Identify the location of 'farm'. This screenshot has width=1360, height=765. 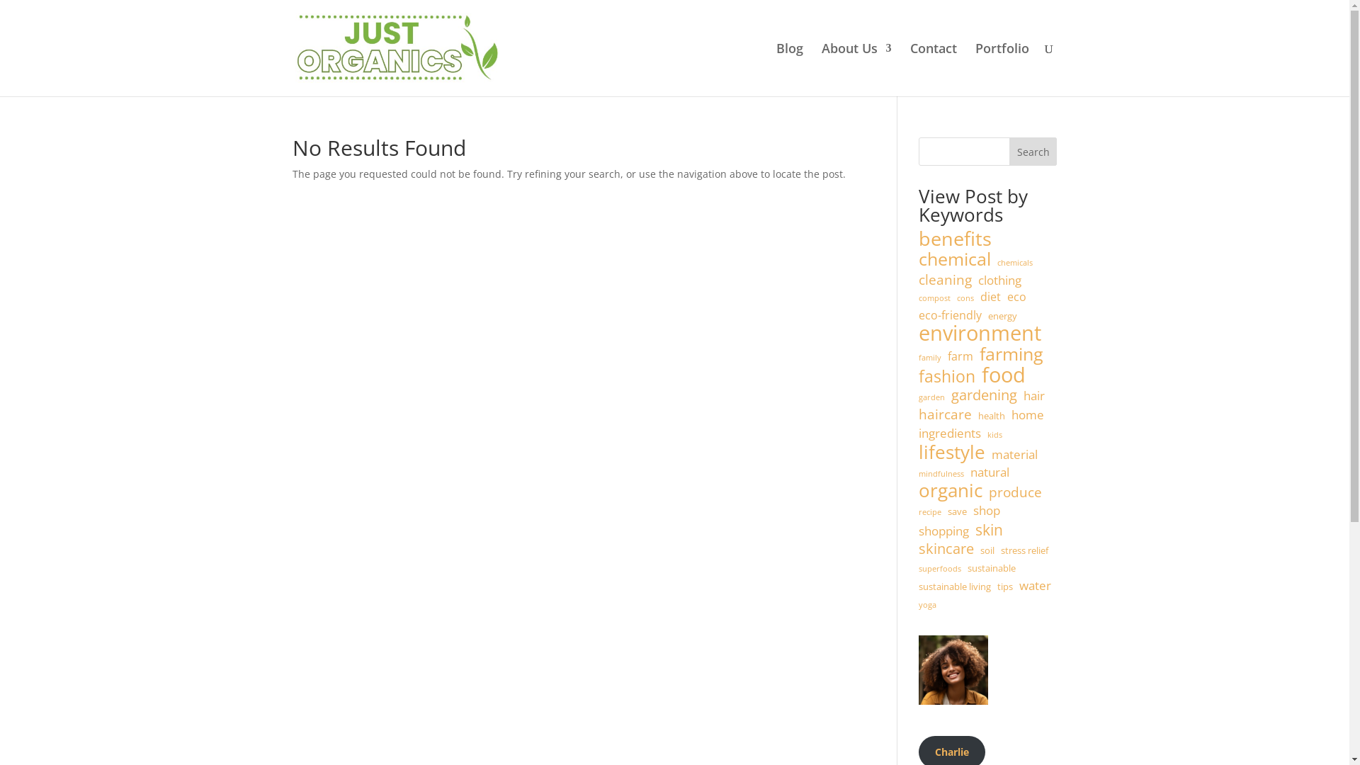
(960, 356).